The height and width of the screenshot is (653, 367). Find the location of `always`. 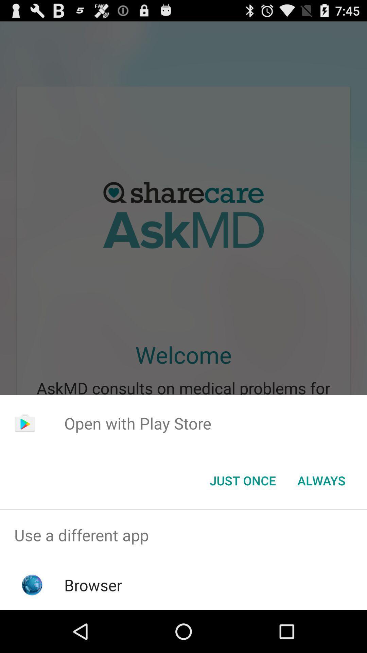

always is located at coordinates (321, 480).